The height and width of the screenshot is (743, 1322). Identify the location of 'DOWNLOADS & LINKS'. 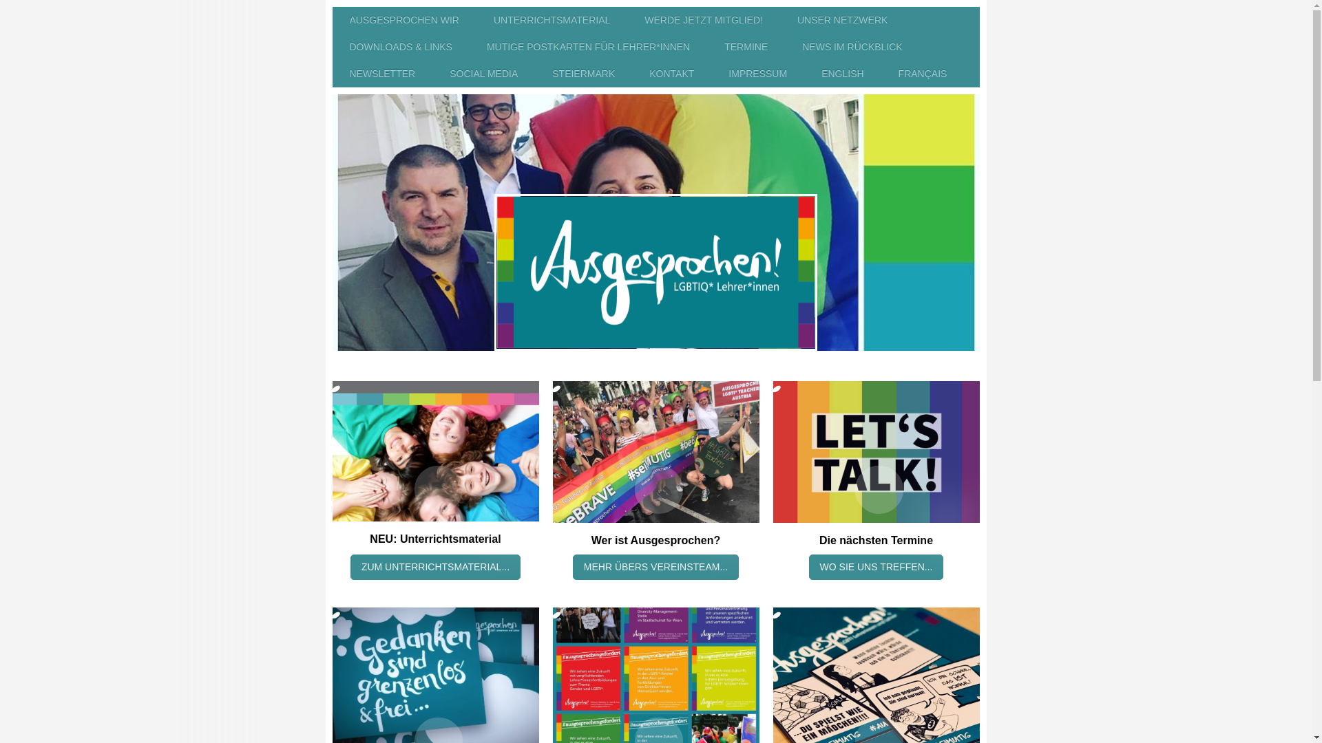
(331, 46).